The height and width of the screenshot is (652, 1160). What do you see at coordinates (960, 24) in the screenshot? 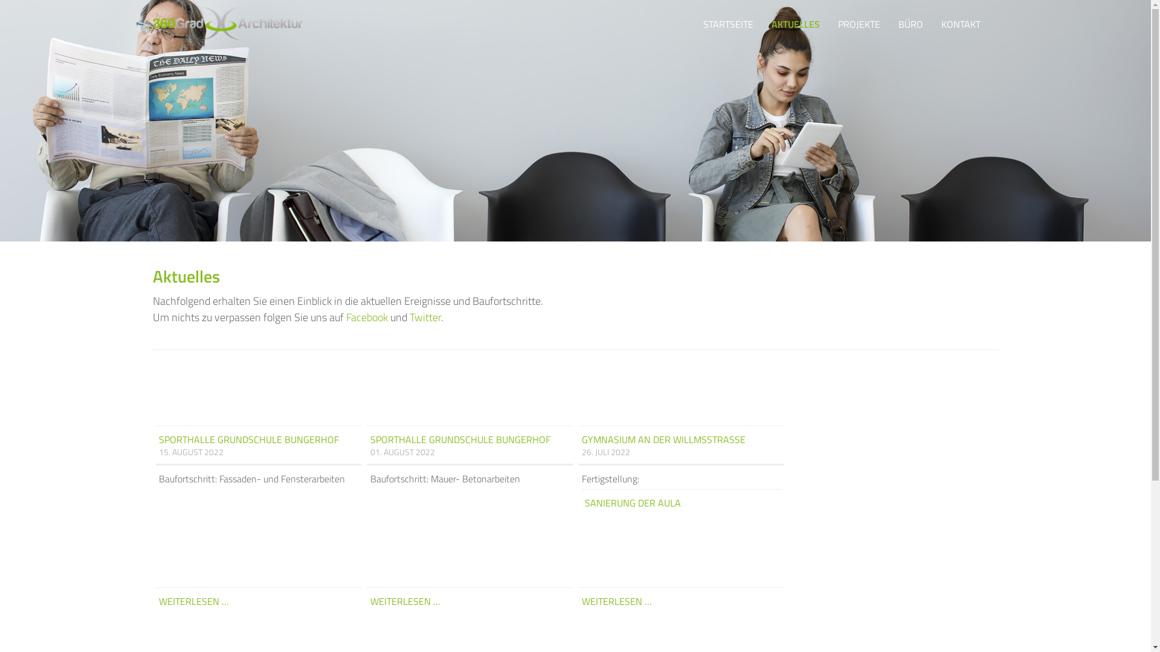
I see `'KONTAKT'` at bounding box center [960, 24].